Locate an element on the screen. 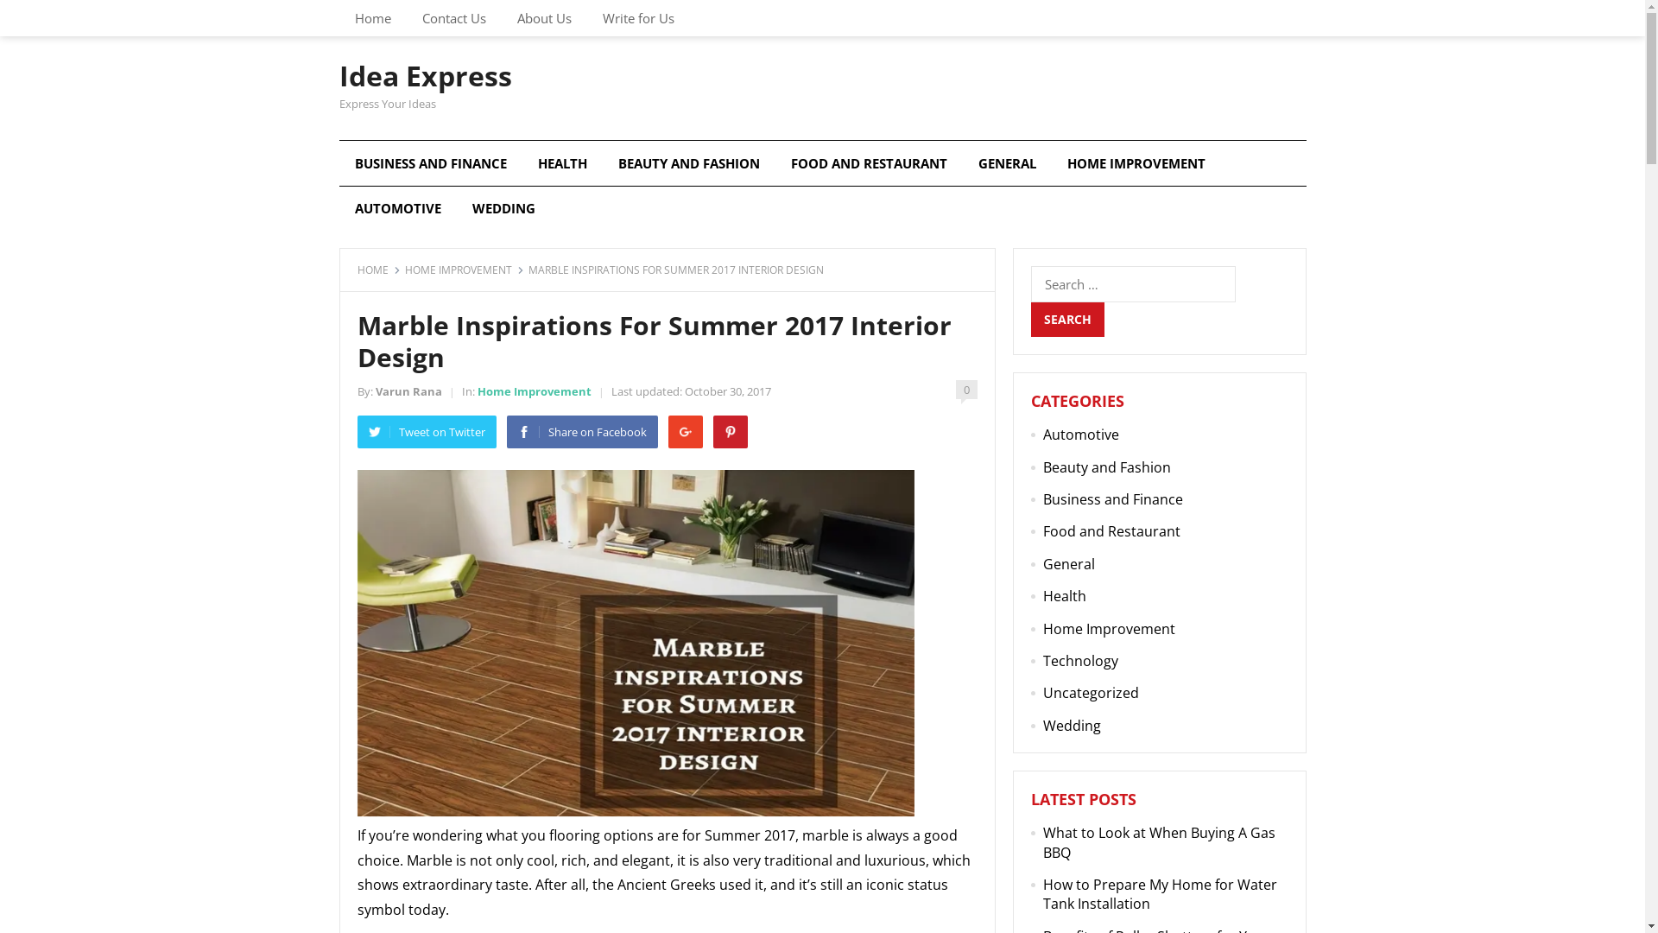  'AUTOMOTIVE' is located at coordinates (396, 206).